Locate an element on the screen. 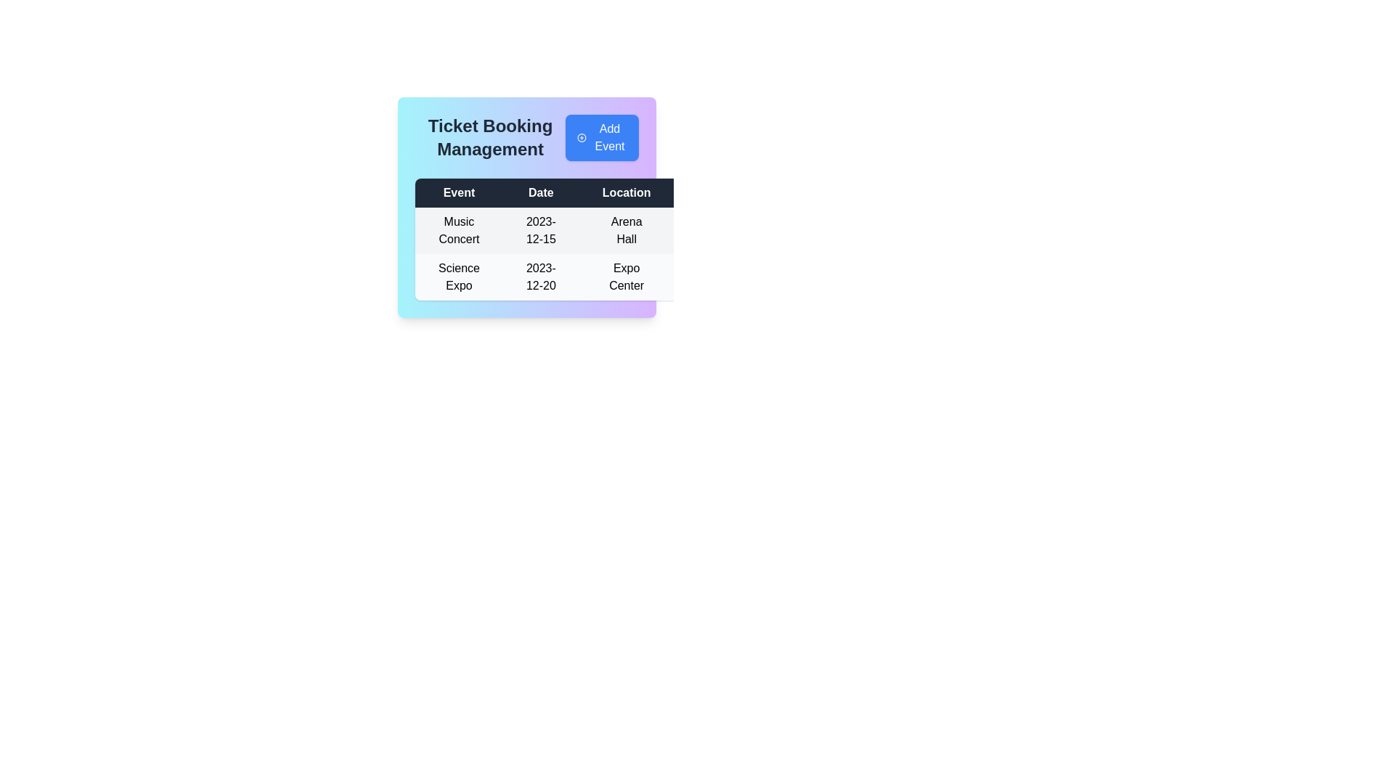 The width and height of the screenshot is (1394, 784). the 'Date' text label, which displays white text on a dark background and is located in the header row of a table, positioned between 'Event' and 'Location' is located at coordinates (540, 192).